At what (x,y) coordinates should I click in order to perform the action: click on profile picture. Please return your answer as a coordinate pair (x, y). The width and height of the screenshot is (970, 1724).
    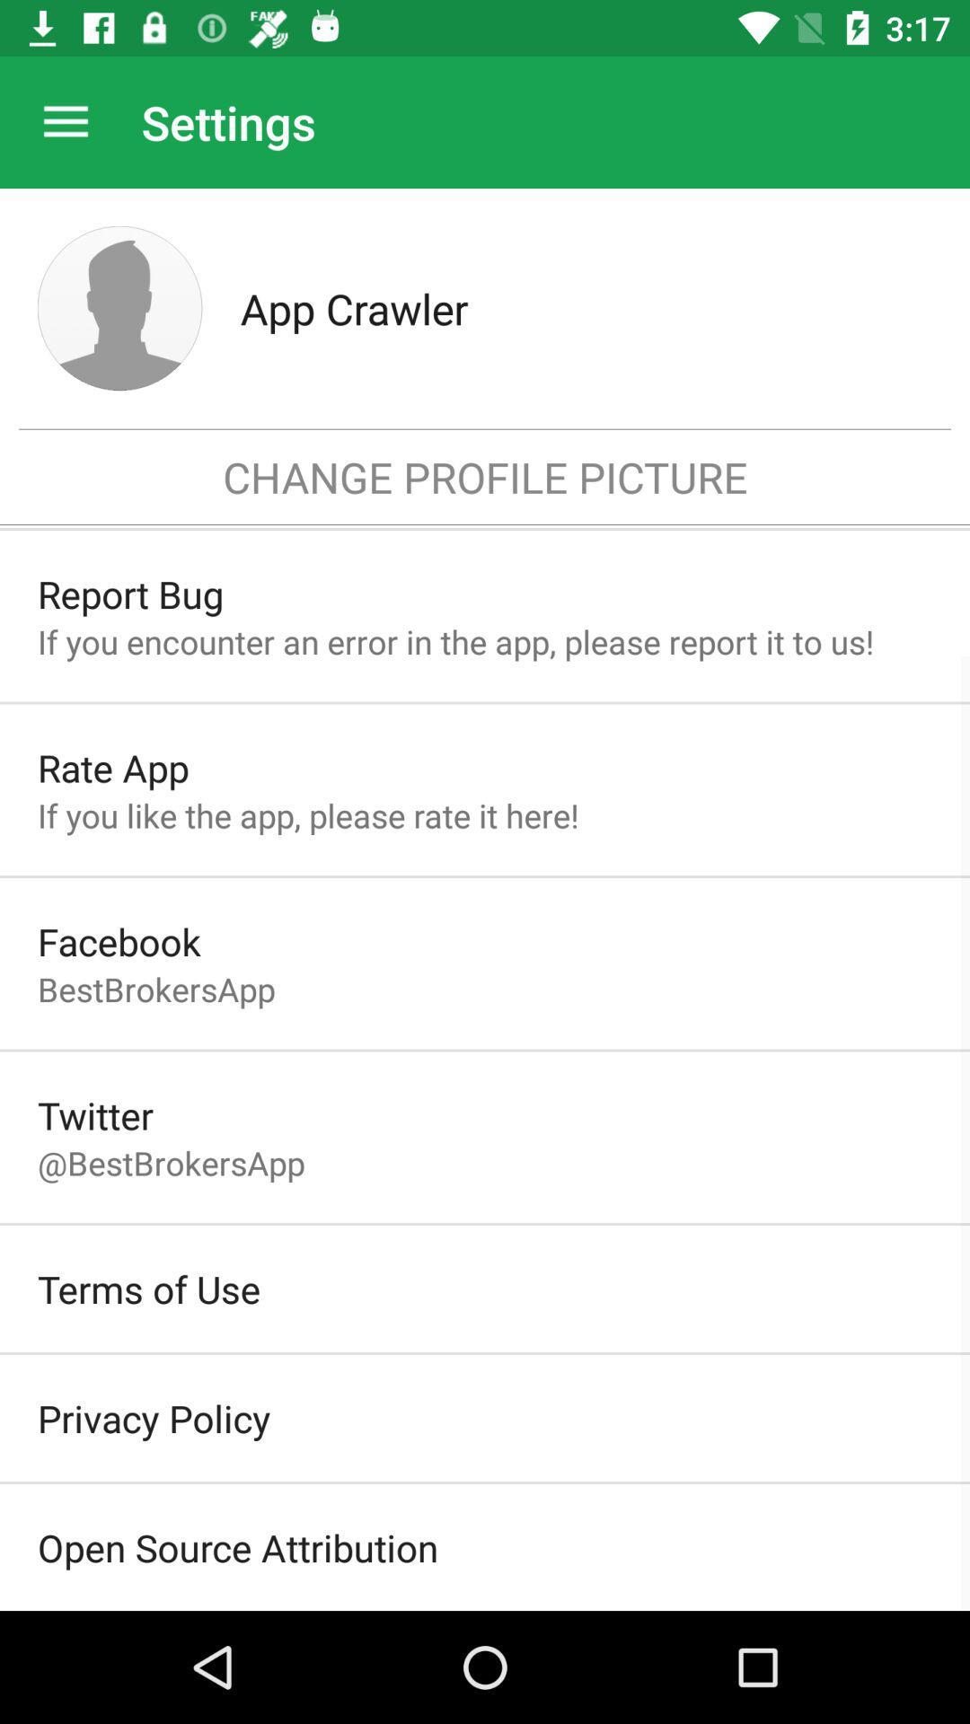
    Looking at the image, I should click on (119, 308).